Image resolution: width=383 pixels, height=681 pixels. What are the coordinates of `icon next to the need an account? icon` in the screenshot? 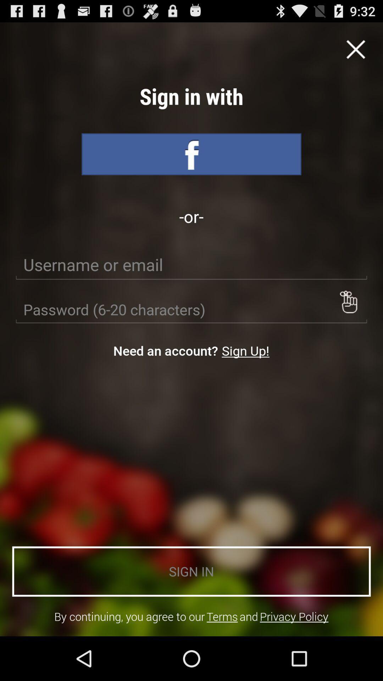 It's located at (245, 350).